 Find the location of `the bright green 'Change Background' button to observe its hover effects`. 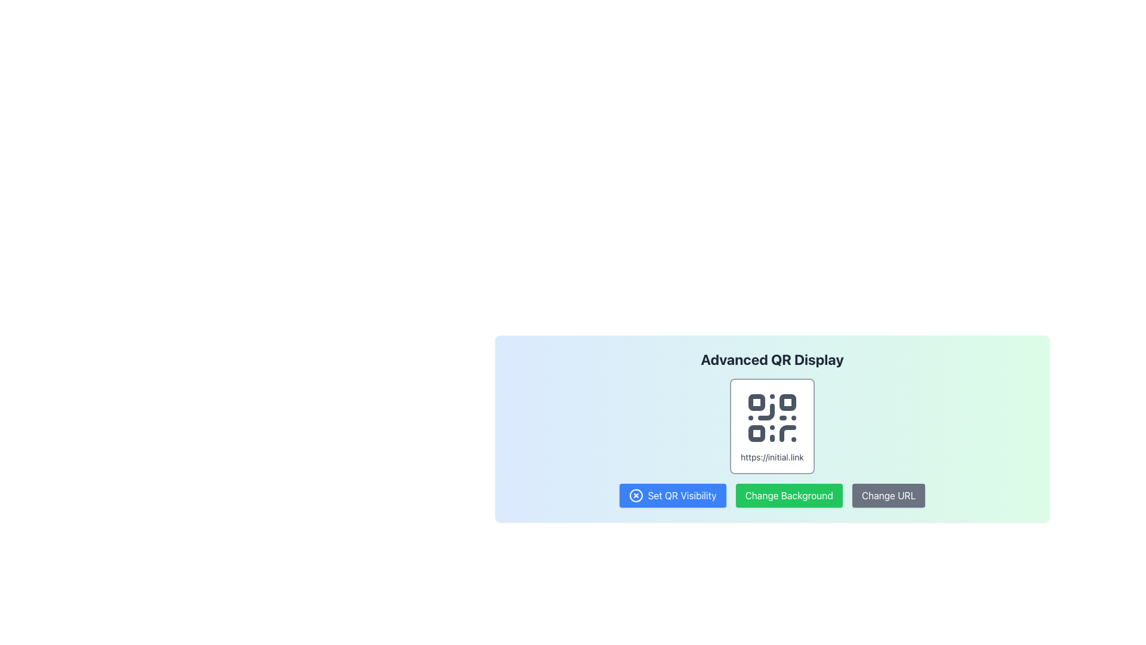

the bright green 'Change Background' button to observe its hover effects is located at coordinates (789, 495).